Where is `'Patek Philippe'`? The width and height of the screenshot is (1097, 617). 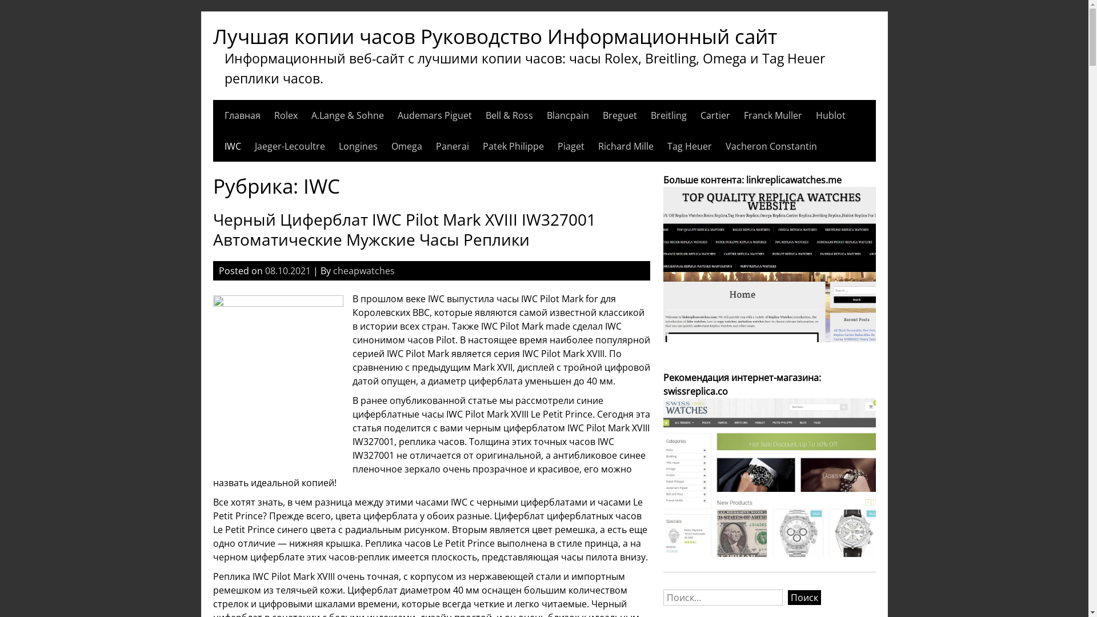
'Patek Philippe' is located at coordinates (512, 145).